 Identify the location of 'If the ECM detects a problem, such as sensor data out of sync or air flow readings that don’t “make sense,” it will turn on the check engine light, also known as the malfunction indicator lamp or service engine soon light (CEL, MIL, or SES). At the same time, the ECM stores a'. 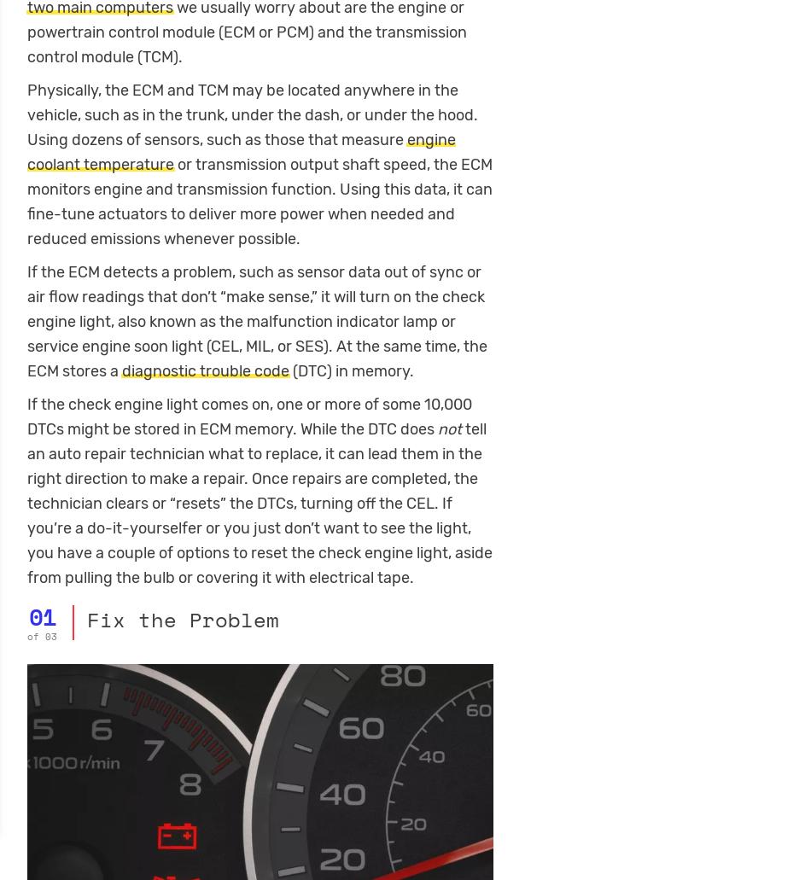
(27, 321).